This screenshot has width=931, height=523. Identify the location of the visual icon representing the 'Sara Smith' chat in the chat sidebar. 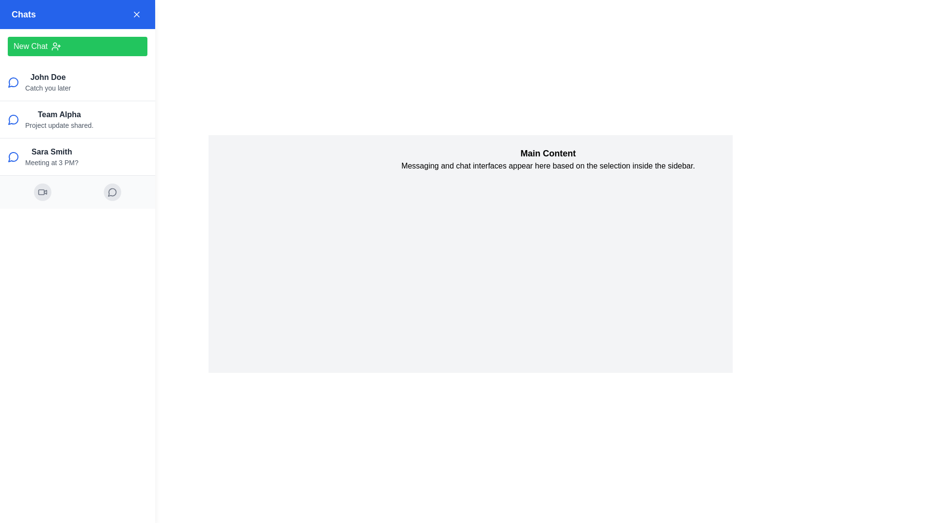
(13, 156).